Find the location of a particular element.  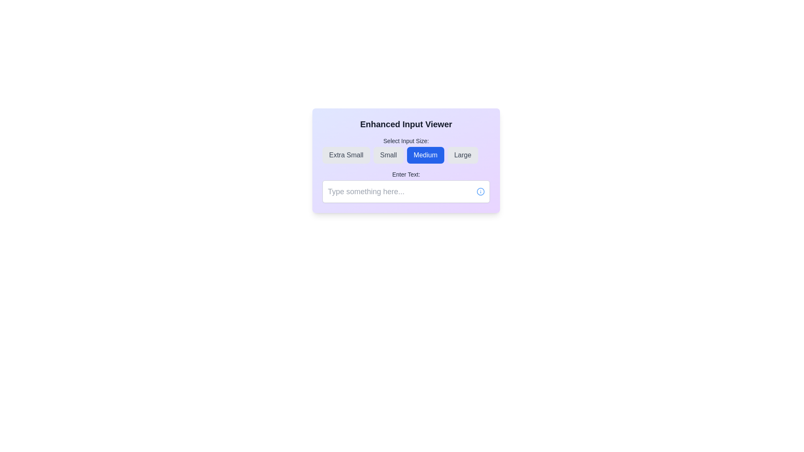

the 'Medium' button, which is the third button in a group of four is located at coordinates (425, 155).